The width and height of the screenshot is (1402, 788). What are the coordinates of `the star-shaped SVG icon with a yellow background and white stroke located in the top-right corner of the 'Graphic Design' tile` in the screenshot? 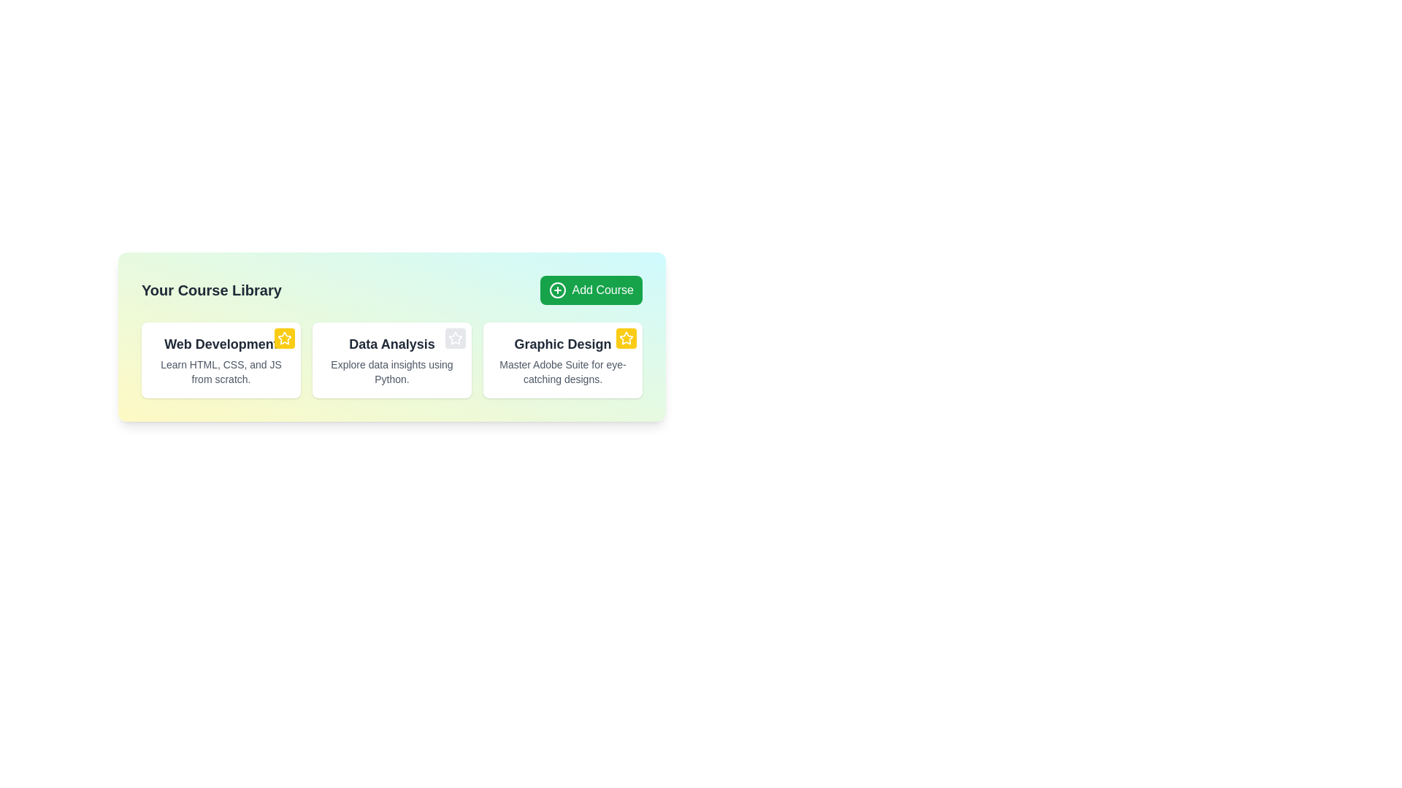 It's located at (627, 338).